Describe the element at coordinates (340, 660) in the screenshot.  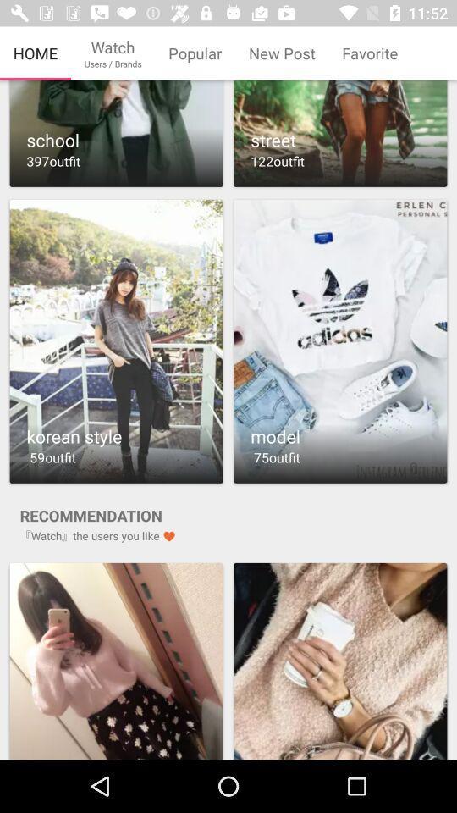
I see `open page` at that location.